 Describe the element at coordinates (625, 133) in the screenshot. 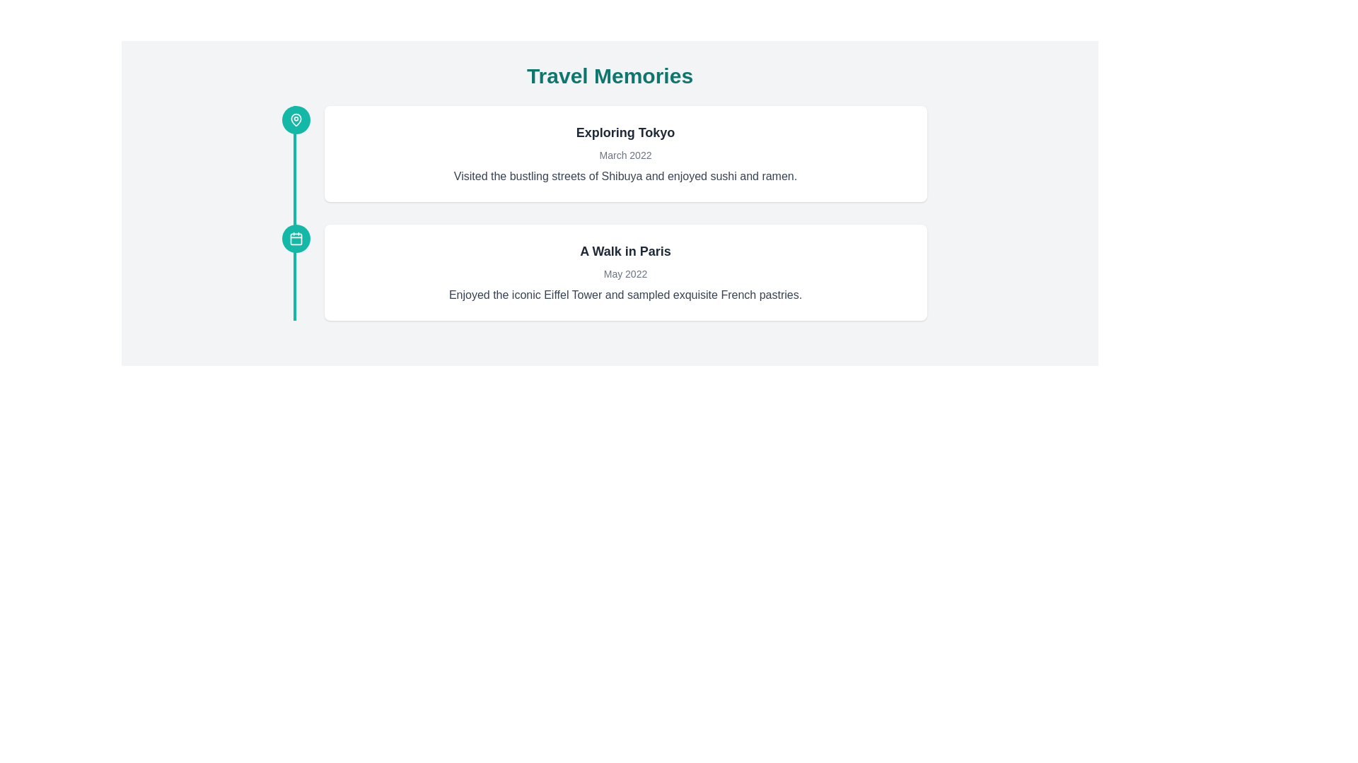

I see `the text element that reads 'Exploring Tokyo', which is styled with a larger font size and bold weight, located at the top of a white card` at that location.